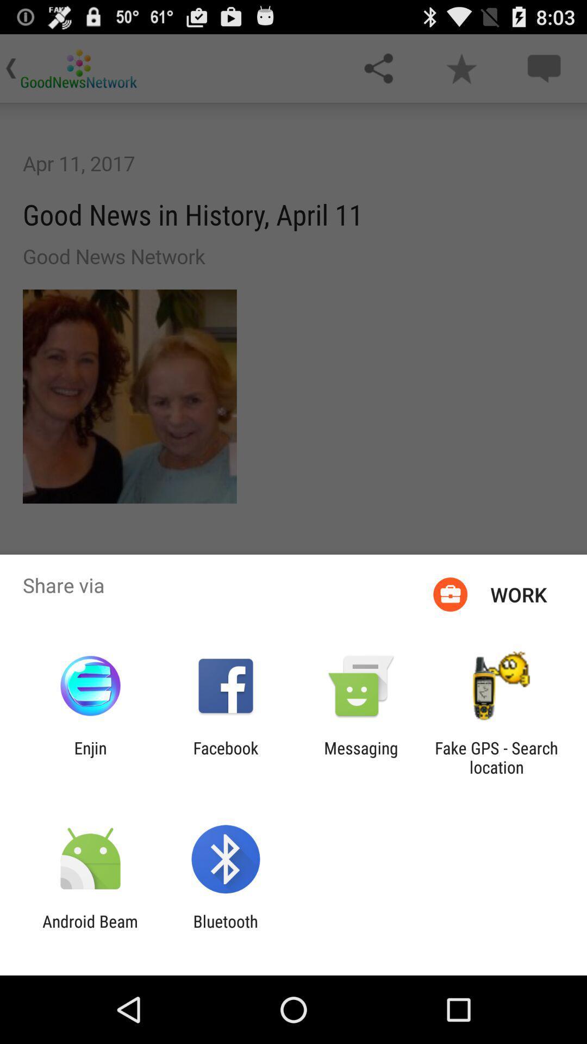  What do you see at coordinates (361, 757) in the screenshot?
I see `the app next to the fake gps search` at bounding box center [361, 757].